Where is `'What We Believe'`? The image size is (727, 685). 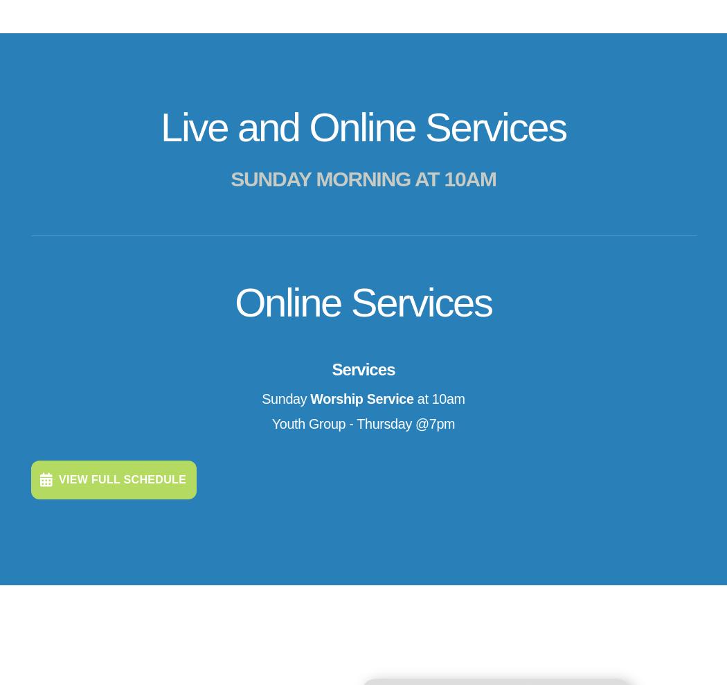
'What We Believe' is located at coordinates (82, 575).